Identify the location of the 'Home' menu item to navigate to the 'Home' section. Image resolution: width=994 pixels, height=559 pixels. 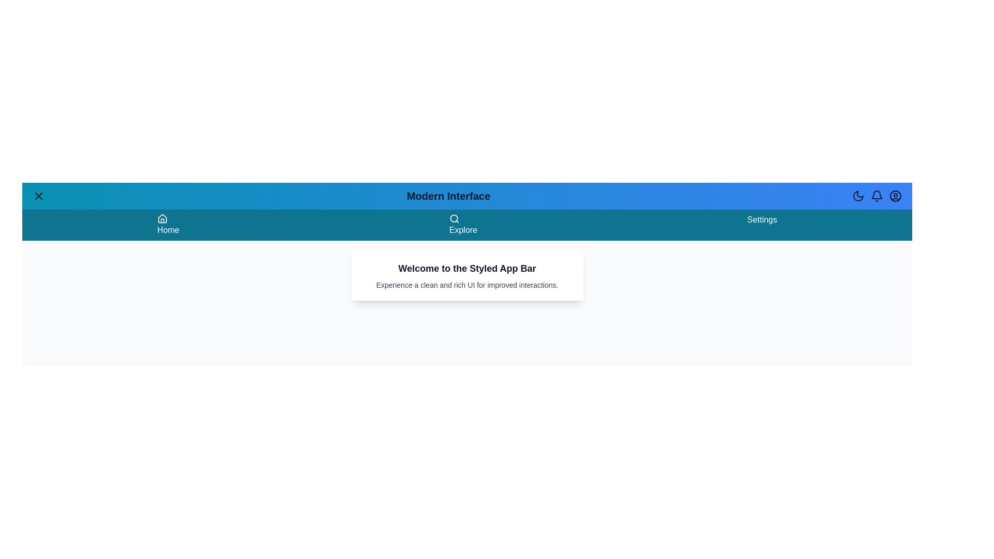
(168, 225).